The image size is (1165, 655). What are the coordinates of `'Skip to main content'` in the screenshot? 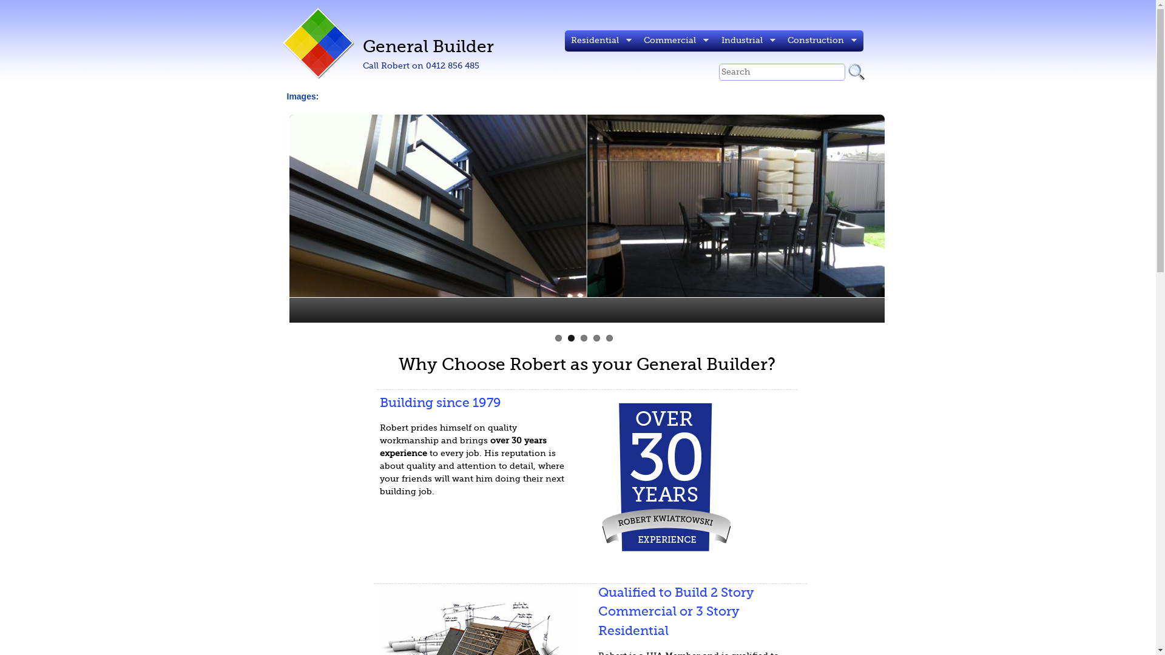 It's located at (527, 0).